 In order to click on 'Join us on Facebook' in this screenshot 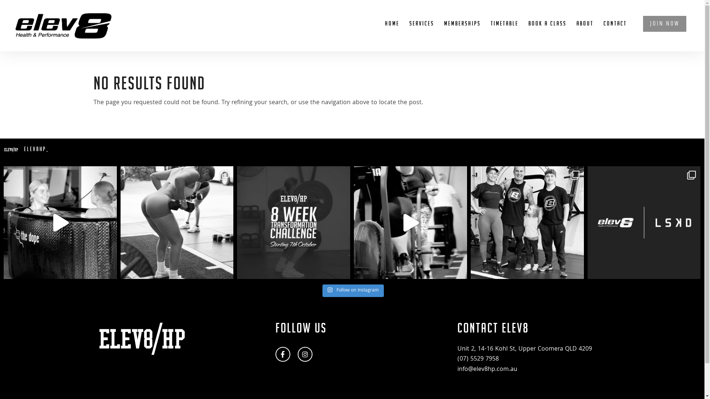, I will do `click(282, 354)`.